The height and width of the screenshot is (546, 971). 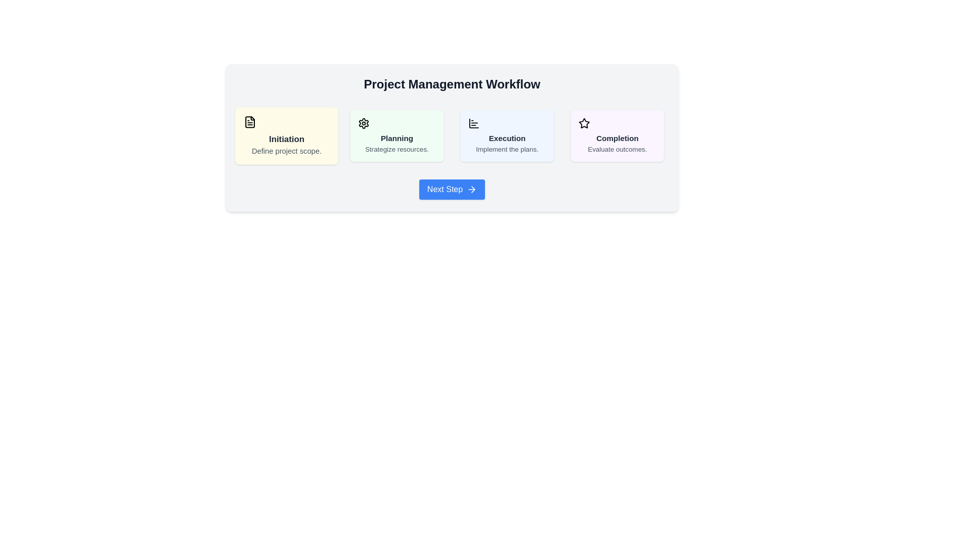 What do you see at coordinates (507, 138) in the screenshot?
I see `the static text element functioning as a label or header, which indicates the phase or task labeled 'Execution' within the project management workflow card` at bounding box center [507, 138].